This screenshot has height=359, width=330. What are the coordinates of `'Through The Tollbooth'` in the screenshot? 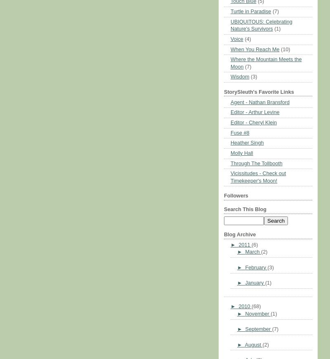 It's located at (256, 162).